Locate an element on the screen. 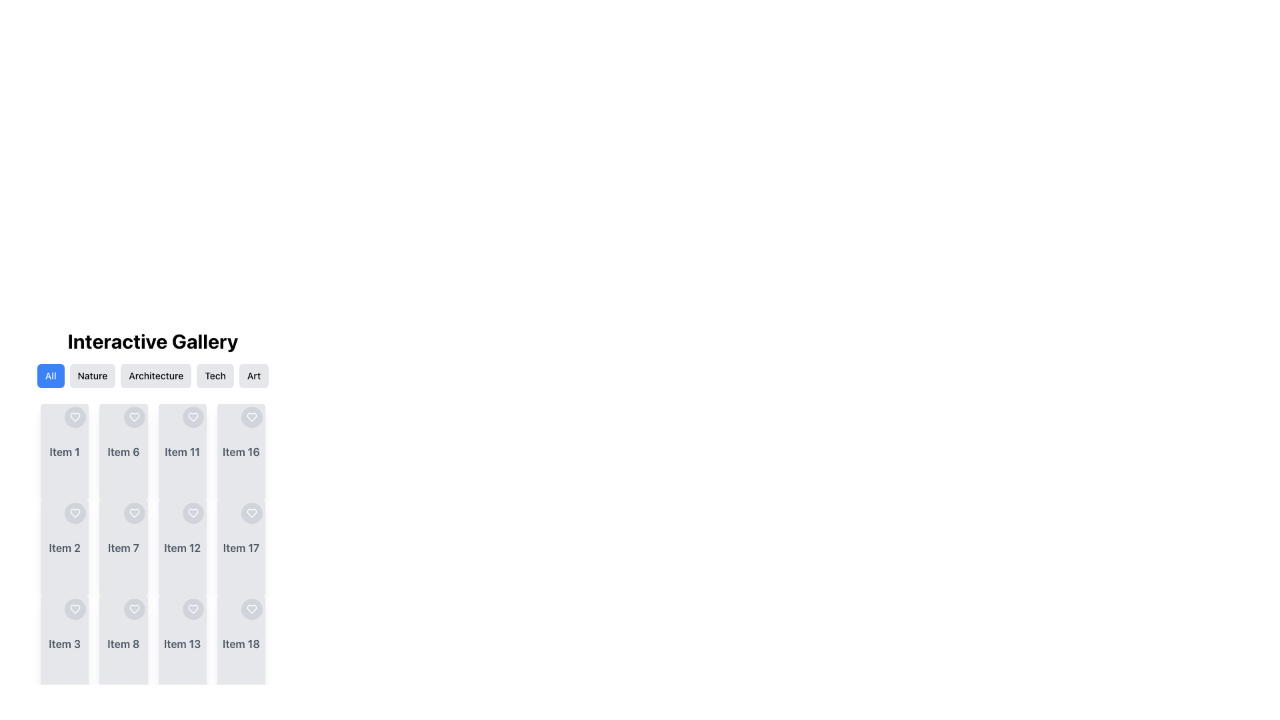 The width and height of the screenshot is (1280, 720). the button that allows users to view more details about 'Item 2' for keyboard navigation is located at coordinates (64, 547).